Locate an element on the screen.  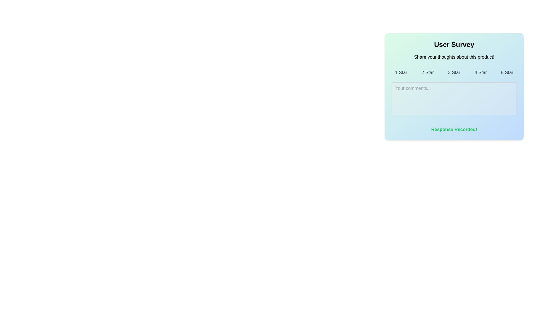
the '5 Star' pill-shaped button with gray text is located at coordinates (507, 72).